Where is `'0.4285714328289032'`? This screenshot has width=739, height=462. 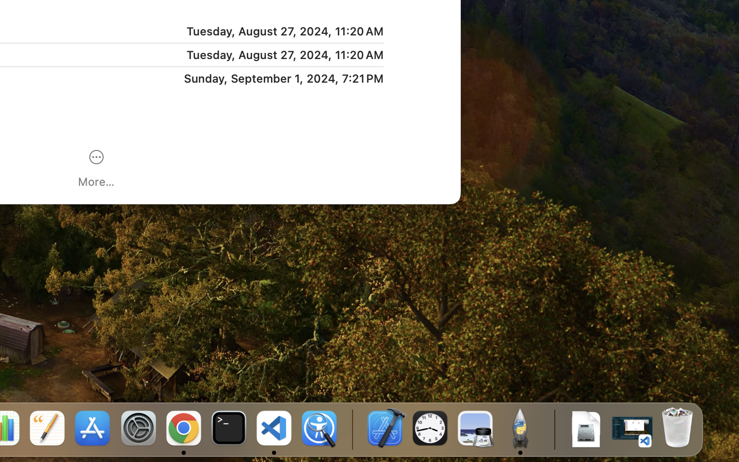 '0.4285714328289032' is located at coordinates (352, 429).